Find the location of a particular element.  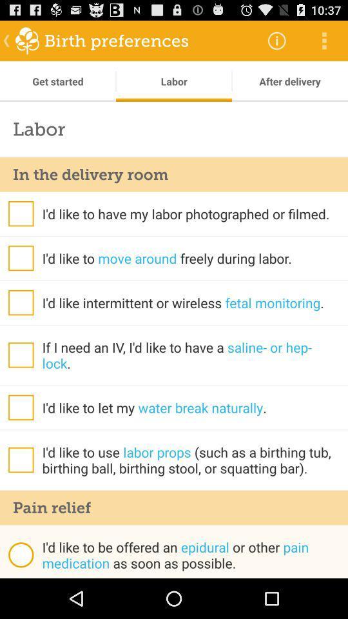

the in the delivery item is located at coordinates (174, 173).